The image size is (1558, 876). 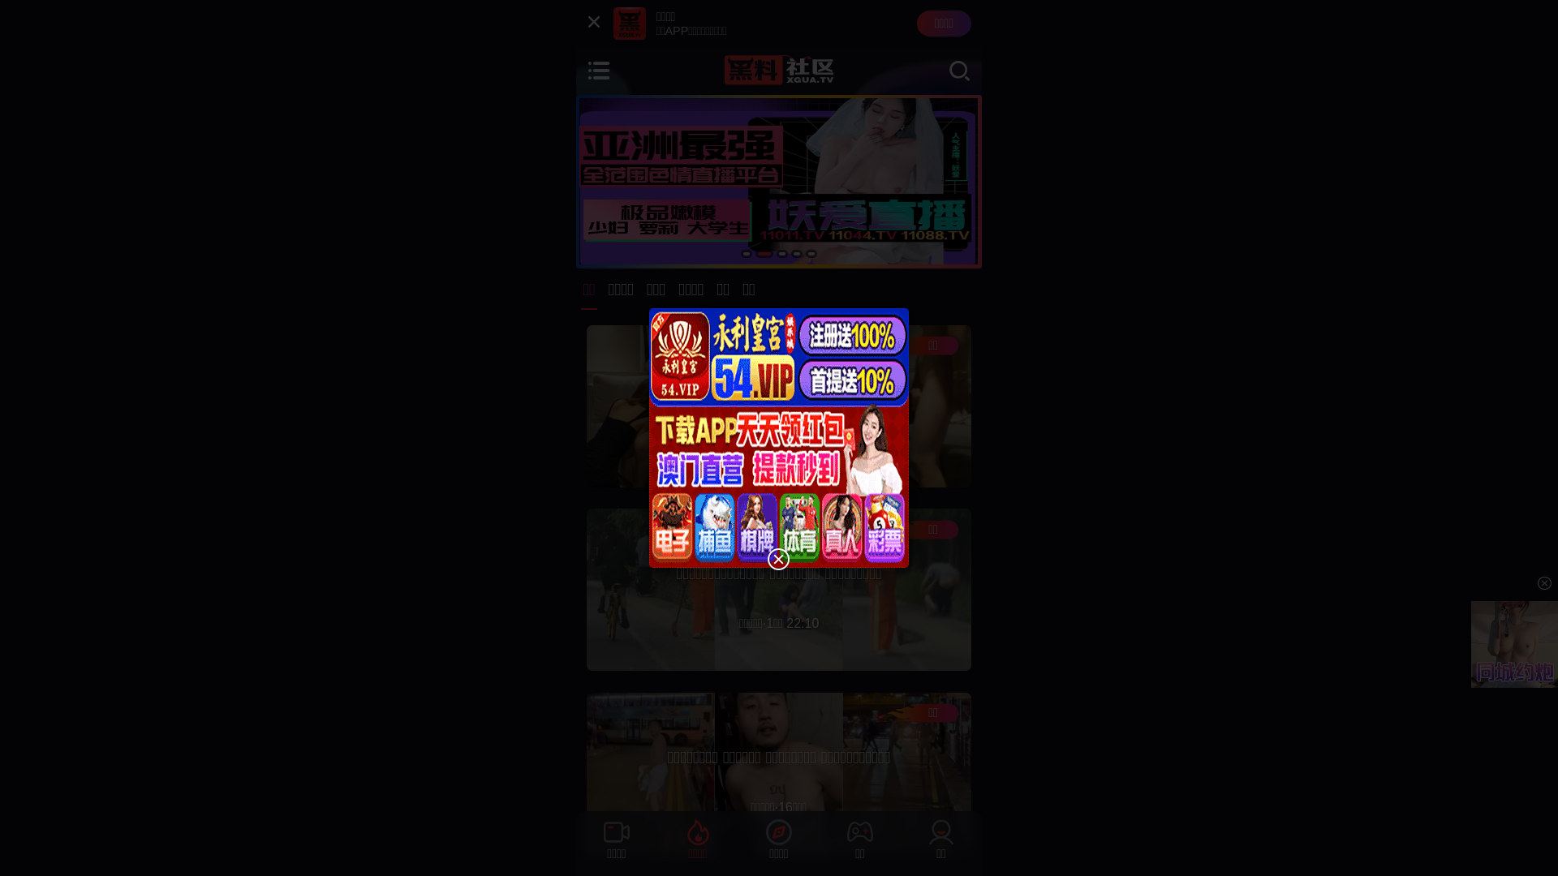 I want to click on '3', so click(x=782, y=253).